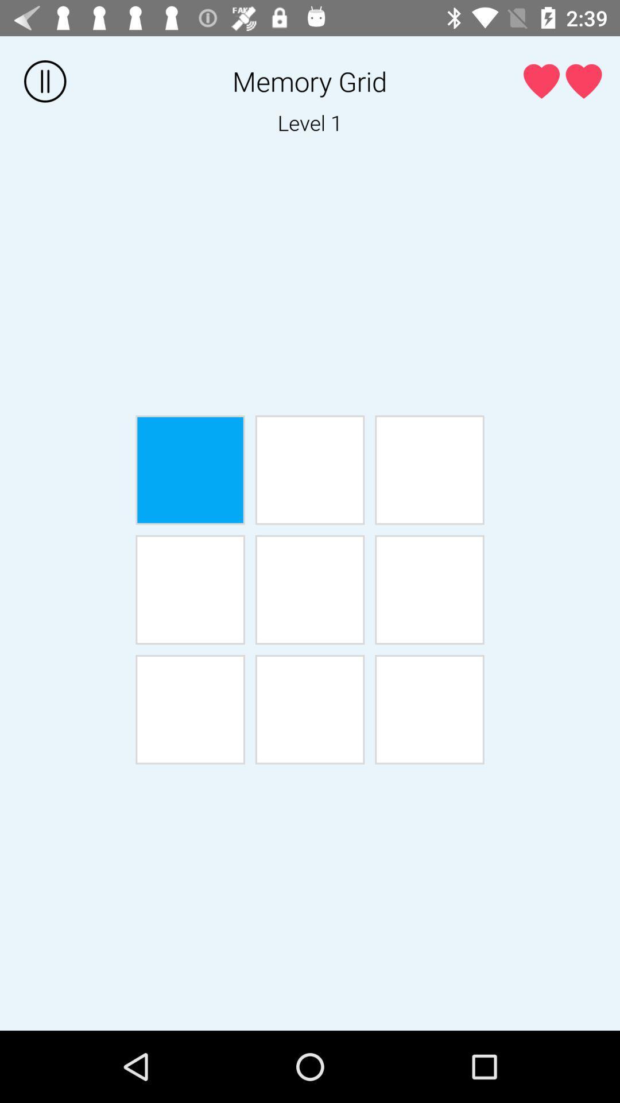 This screenshot has height=1103, width=620. What do you see at coordinates (189, 709) in the screenshot?
I see `reveal` at bounding box center [189, 709].